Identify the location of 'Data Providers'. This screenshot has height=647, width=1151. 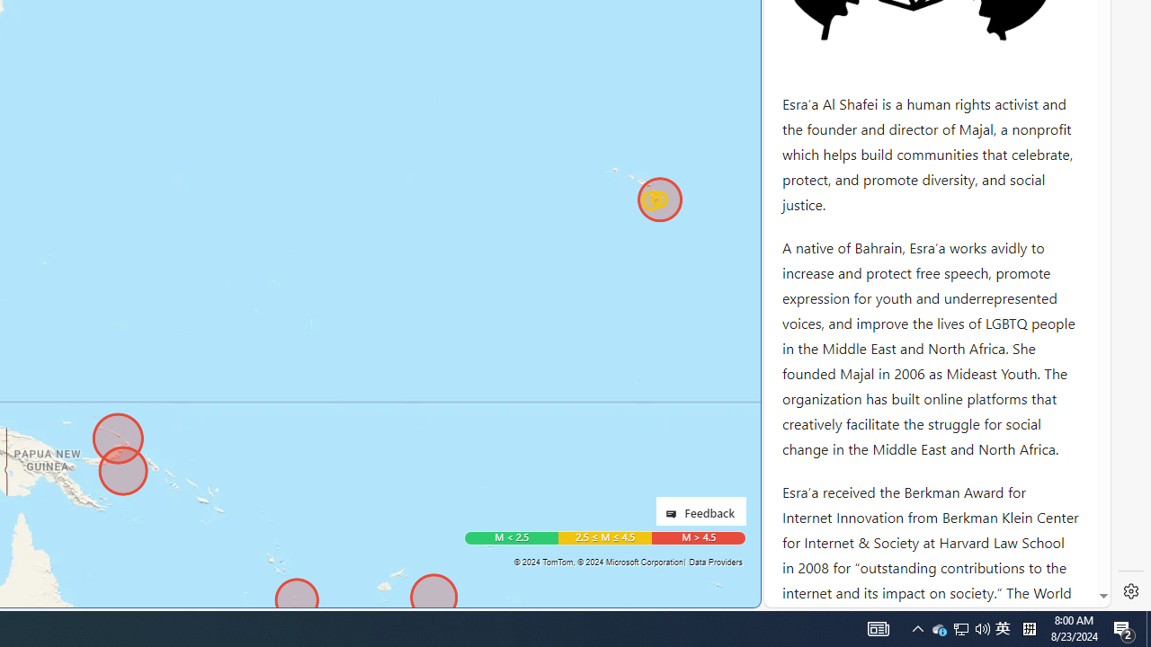
(714, 561).